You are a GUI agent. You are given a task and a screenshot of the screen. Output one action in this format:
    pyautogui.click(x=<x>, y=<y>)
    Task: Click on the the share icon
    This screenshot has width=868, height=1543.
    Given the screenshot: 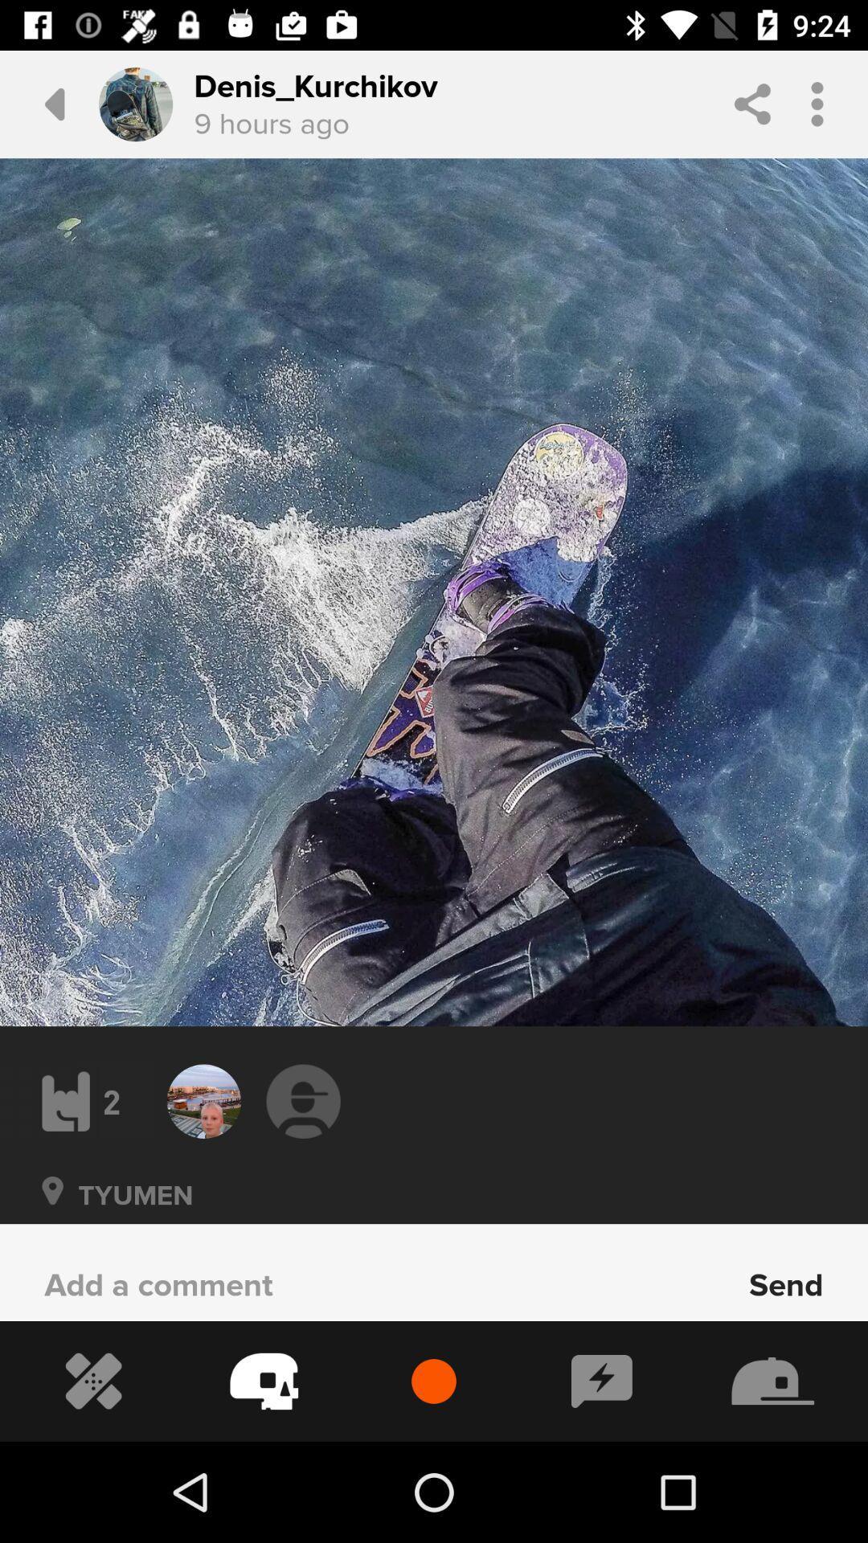 What is the action you would take?
    pyautogui.click(x=752, y=103)
    